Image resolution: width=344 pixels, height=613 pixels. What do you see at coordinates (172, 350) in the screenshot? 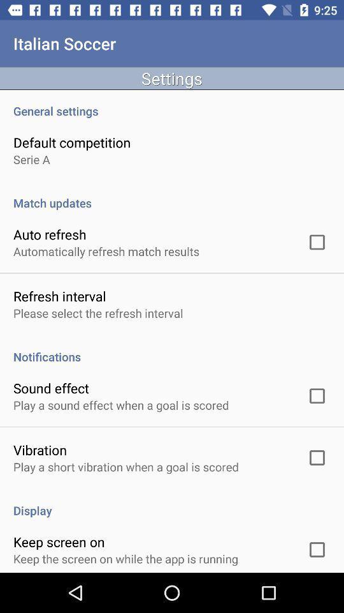
I see `item below please select the item` at bounding box center [172, 350].